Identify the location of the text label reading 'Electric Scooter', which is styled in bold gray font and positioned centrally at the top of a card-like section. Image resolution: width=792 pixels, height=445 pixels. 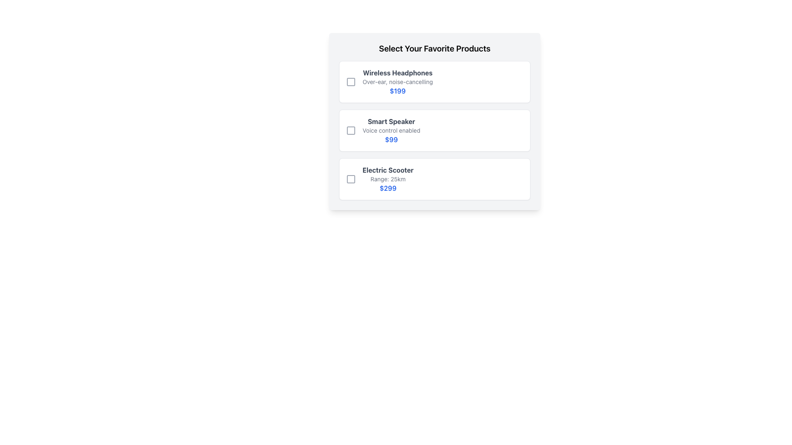
(387, 169).